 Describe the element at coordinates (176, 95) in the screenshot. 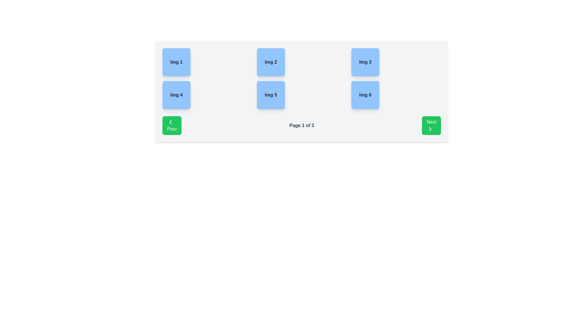

I see `the square-shaped button with a light blue background and dark gray text reading 'Img 4'` at that location.